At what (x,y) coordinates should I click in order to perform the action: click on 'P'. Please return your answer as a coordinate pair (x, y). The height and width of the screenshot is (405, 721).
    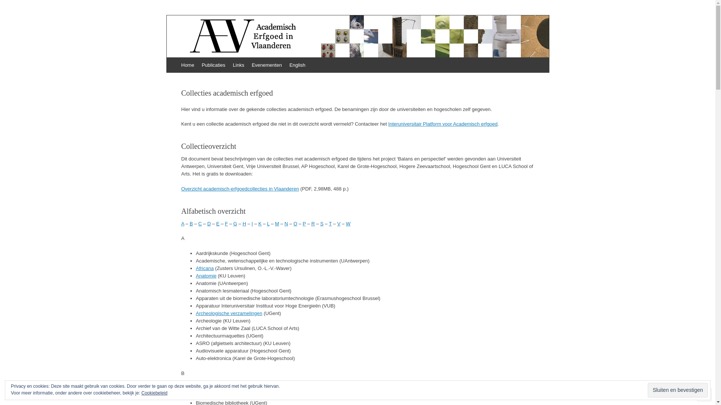
    Looking at the image, I should click on (304, 223).